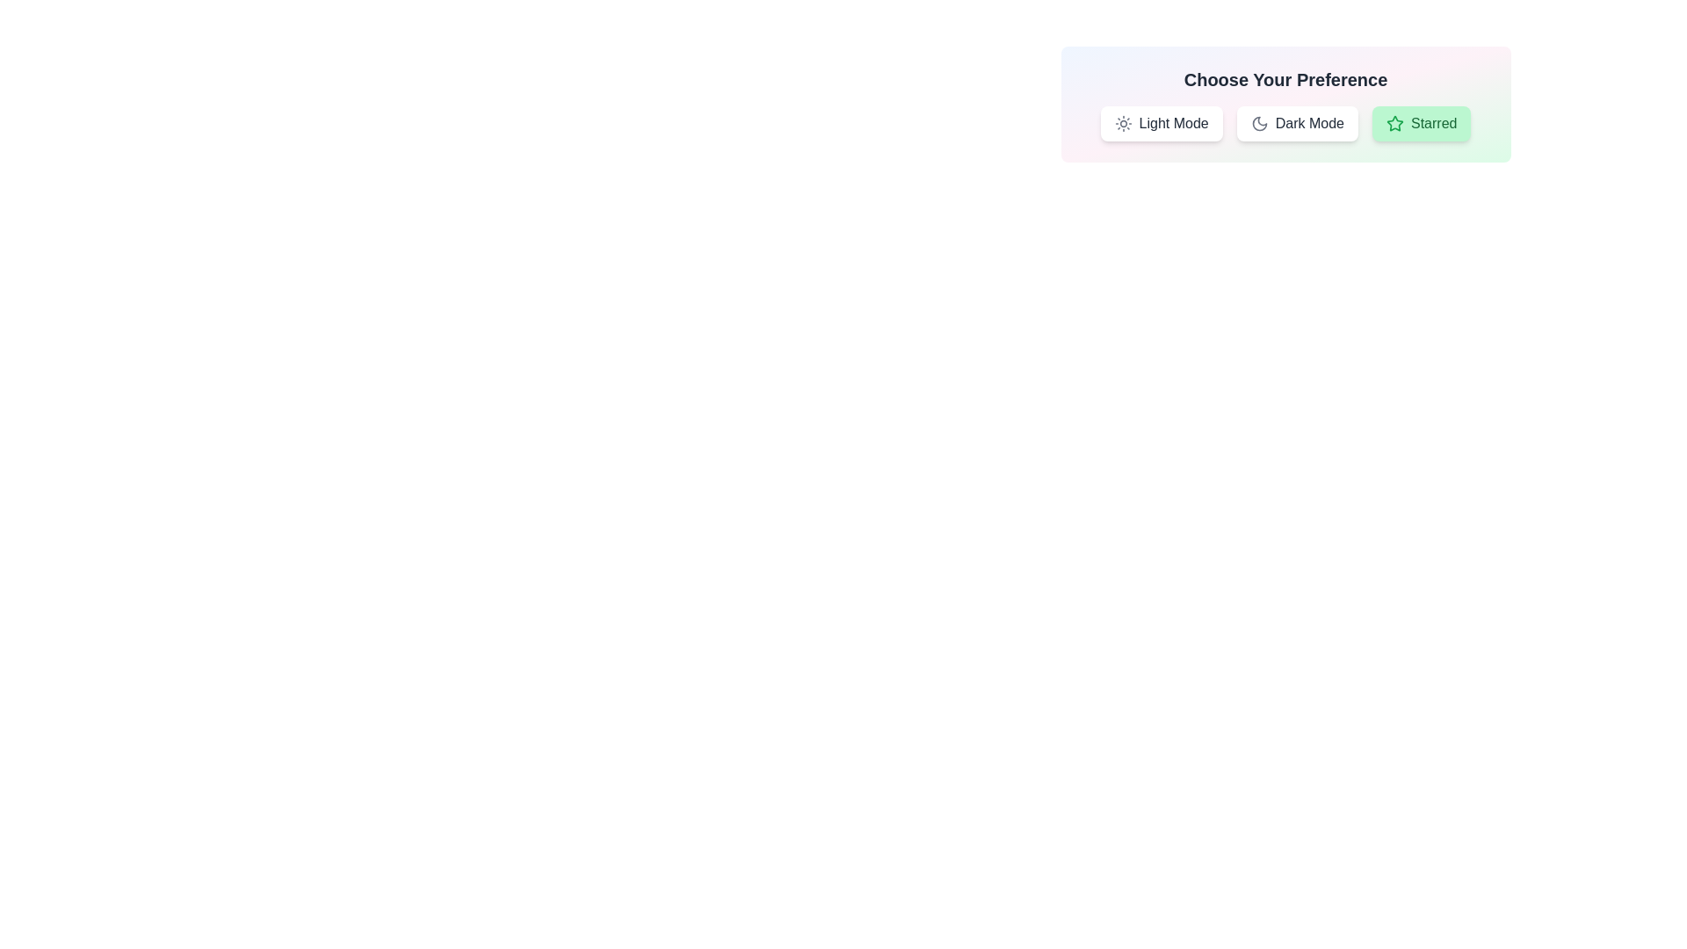 The width and height of the screenshot is (1687, 949). Describe the element at coordinates (1298, 123) in the screenshot. I see `the chip labeled Dark Mode` at that location.